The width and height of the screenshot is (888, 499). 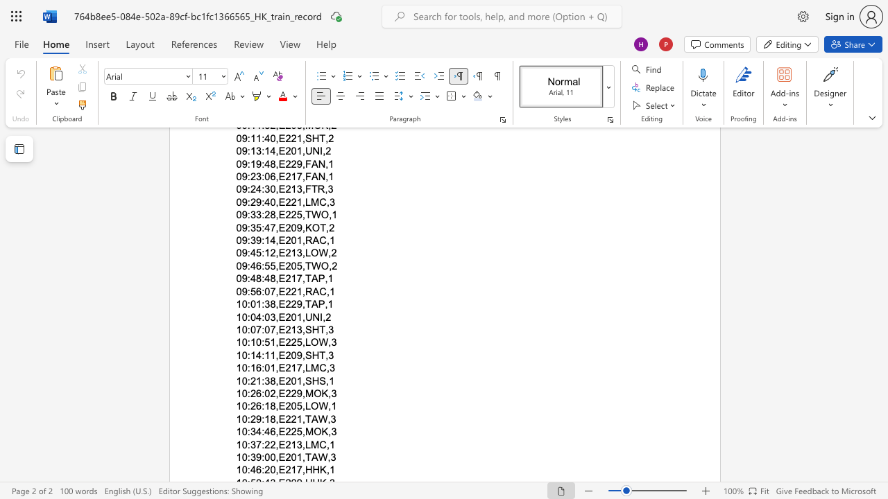 I want to click on the subset text "SHT," within the text "10:14:11,E209,SHT,3", so click(x=304, y=354).